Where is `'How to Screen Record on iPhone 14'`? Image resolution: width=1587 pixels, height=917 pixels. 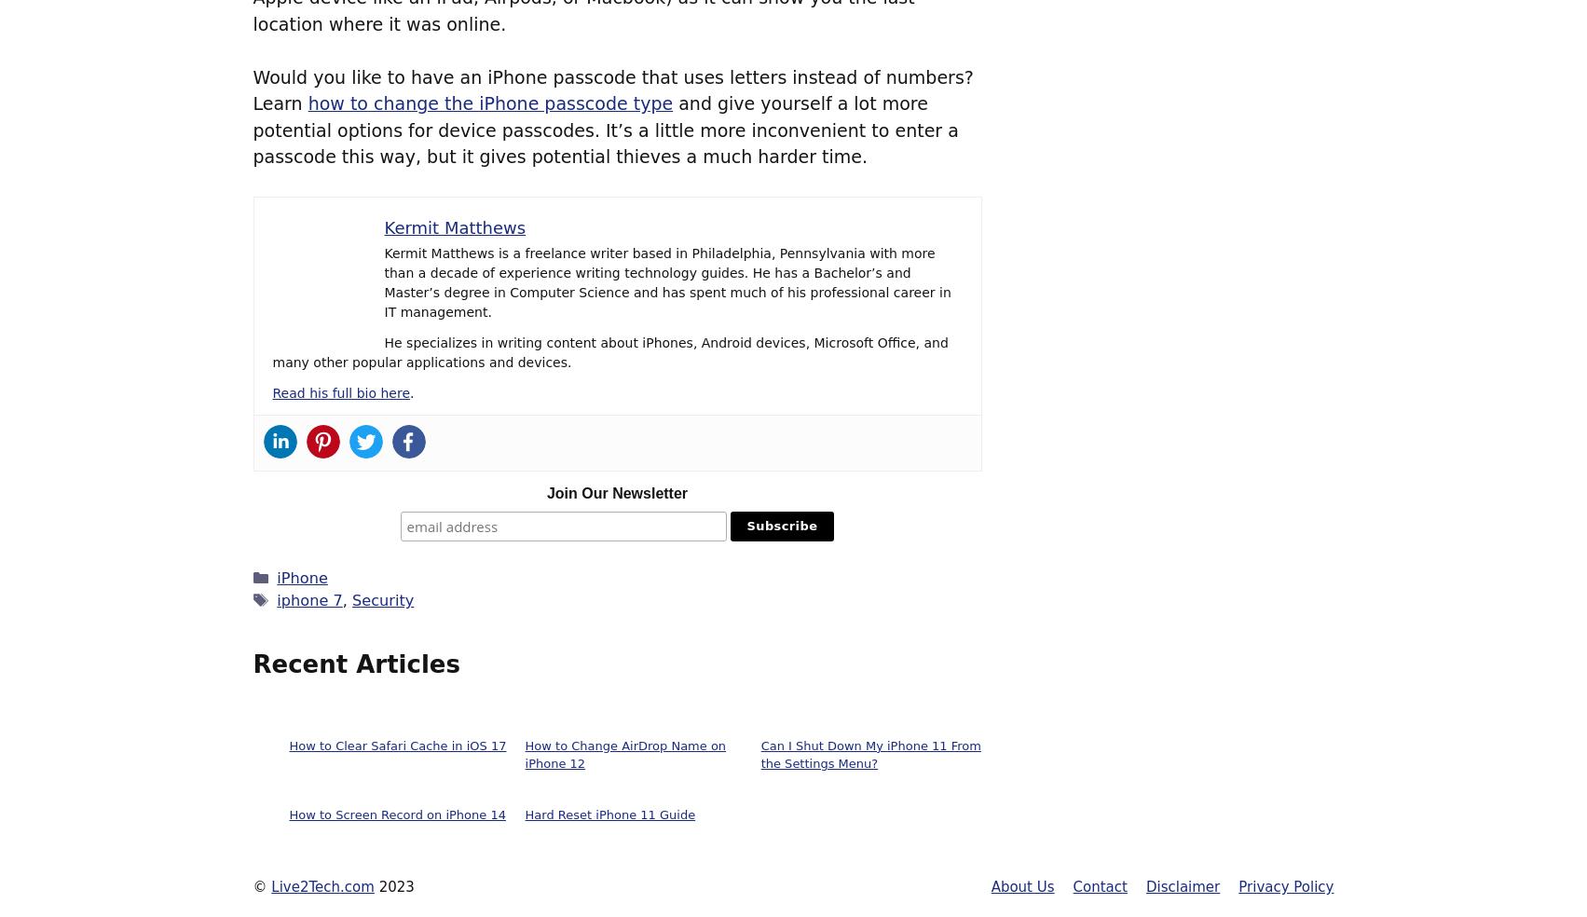 'How to Screen Record on iPhone 14' is located at coordinates (396, 814).